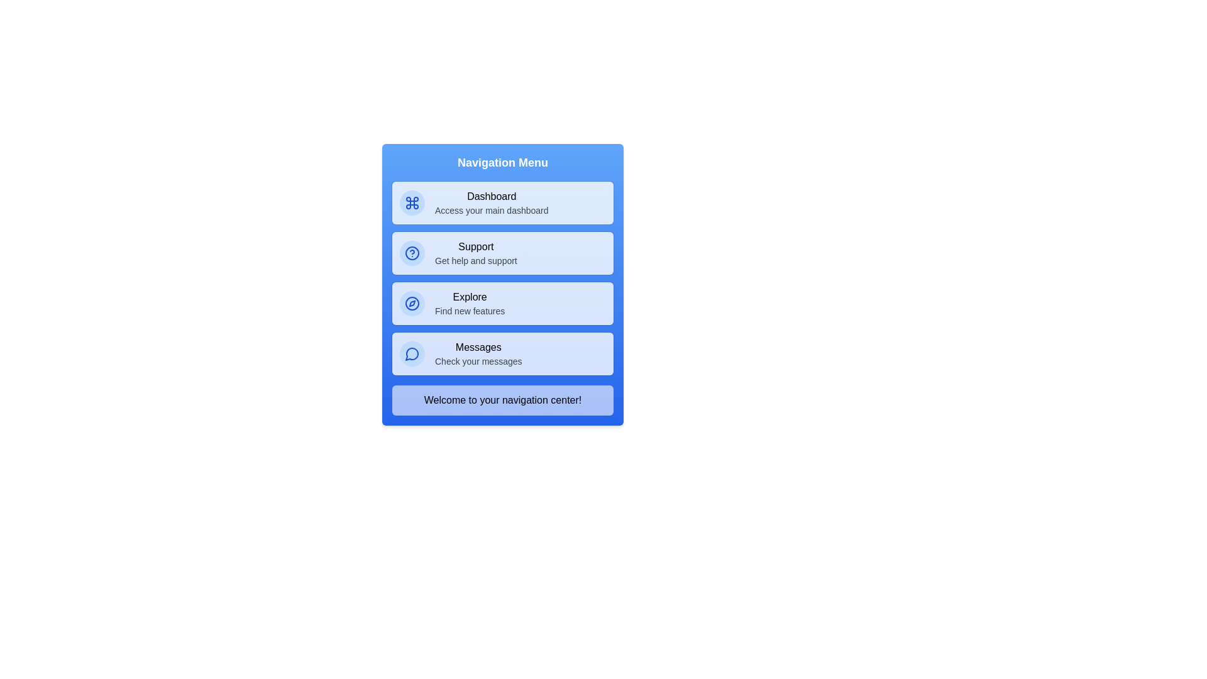 Image resolution: width=1207 pixels, height=679 pixels. Describe the element at coordinates (503, 253) in the screenshot. I see `the menu item corresponding to Support` at that location.